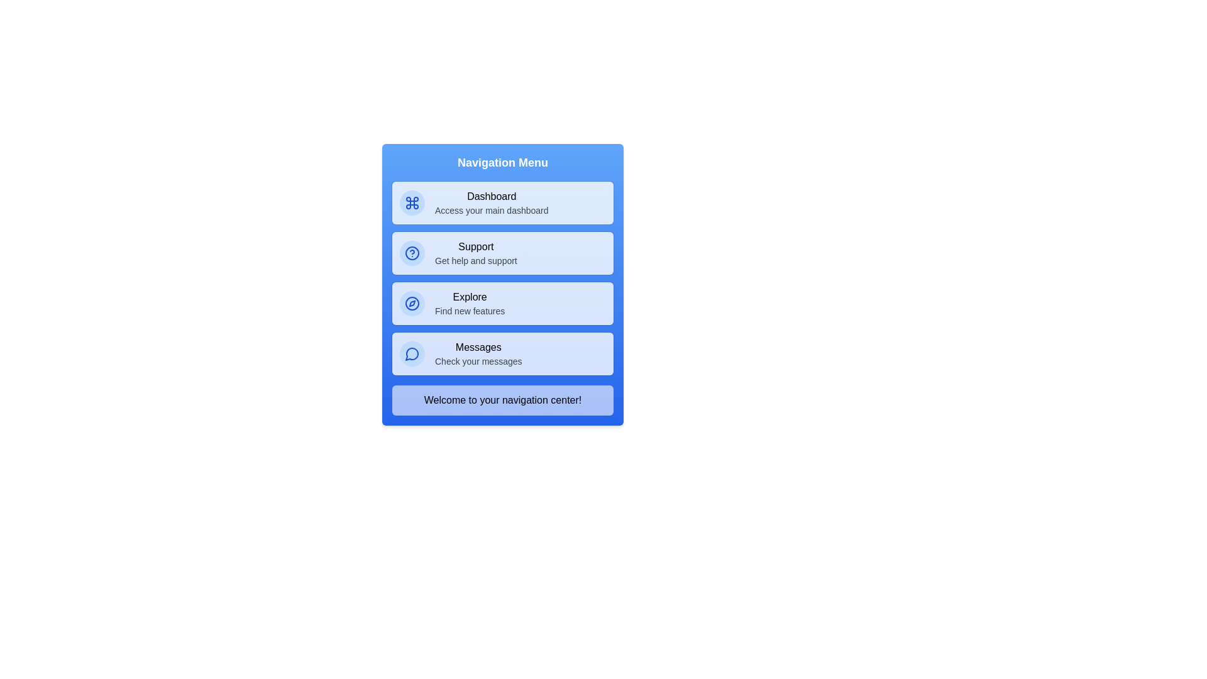 Image resolution: width=1207 pixels, height=679 pixels. Describe the element at coordinates (503, 253) in the screenshot. I see `the menu item corresponding to Support` at that location.